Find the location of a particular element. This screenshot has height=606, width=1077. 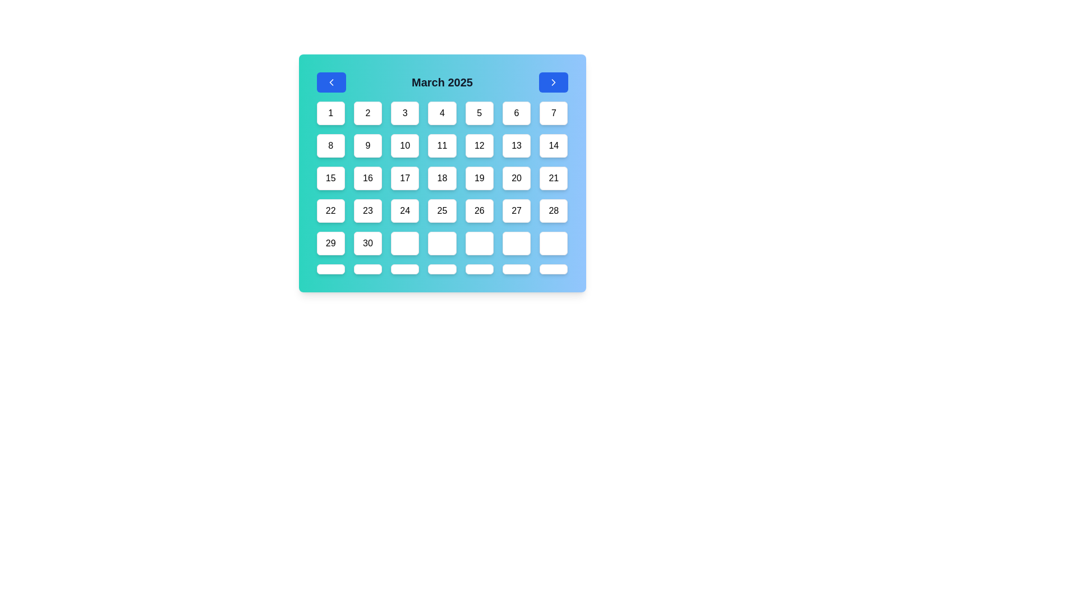

the fourth button in the last row of the calendar grid, which has a white background and a gray border is located at coordinates (441, 243).